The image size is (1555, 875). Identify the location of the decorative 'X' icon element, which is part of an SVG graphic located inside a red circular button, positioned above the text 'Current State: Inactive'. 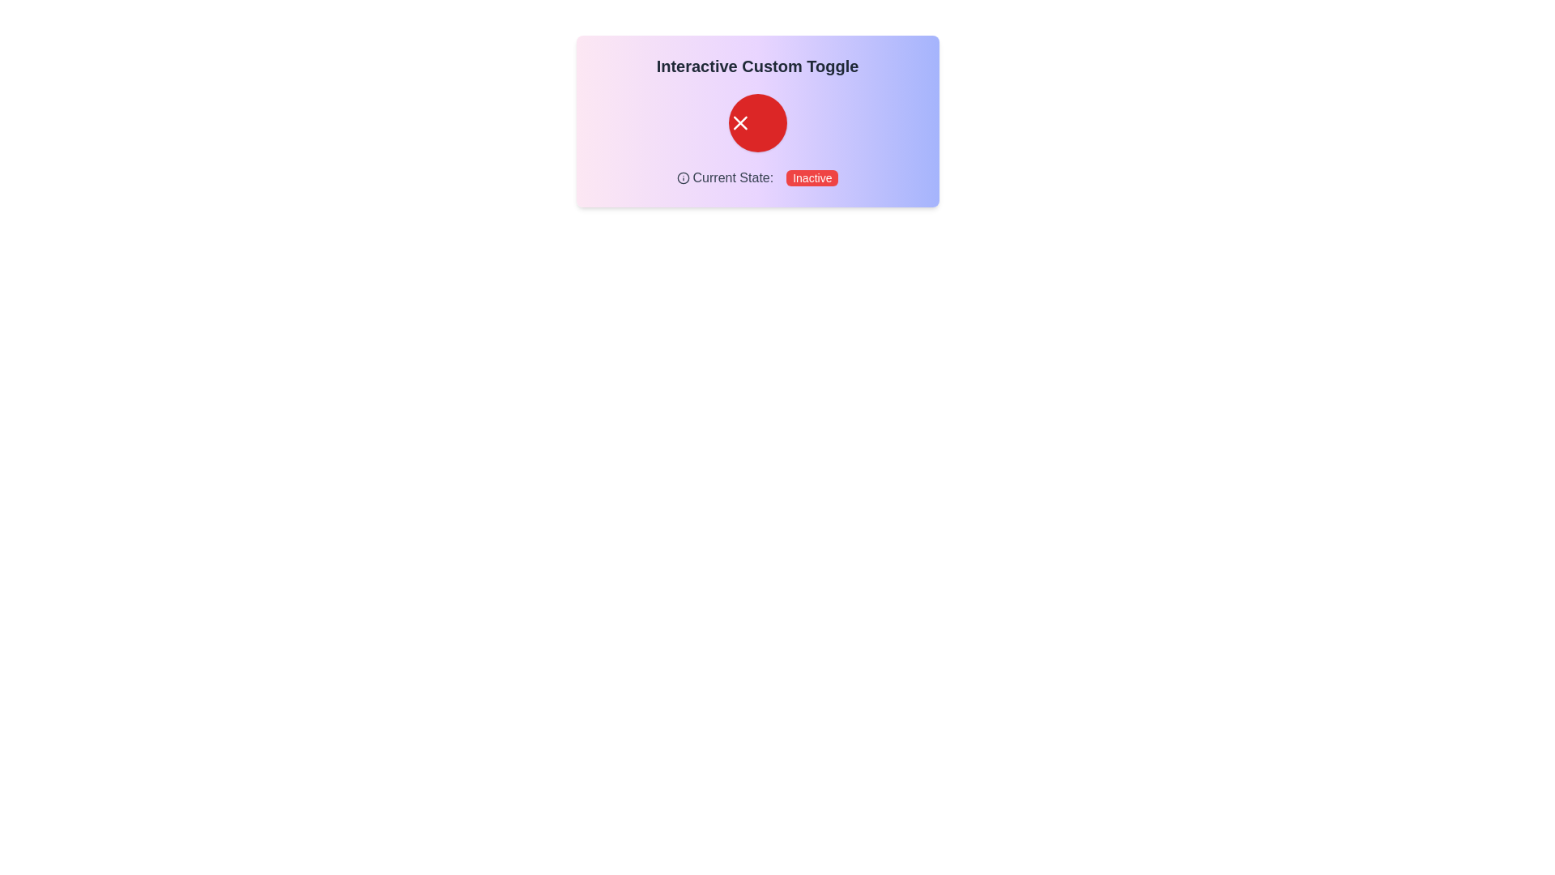
(739, 122).